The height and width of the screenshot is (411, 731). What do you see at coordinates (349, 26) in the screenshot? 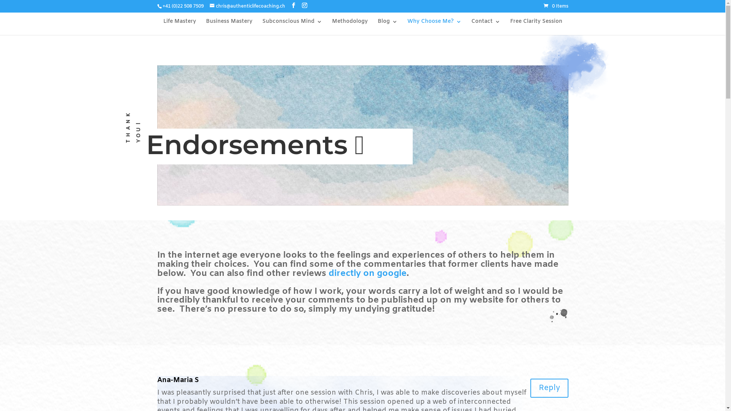
I see `'Methodology'` at bounding box center [349, 26].